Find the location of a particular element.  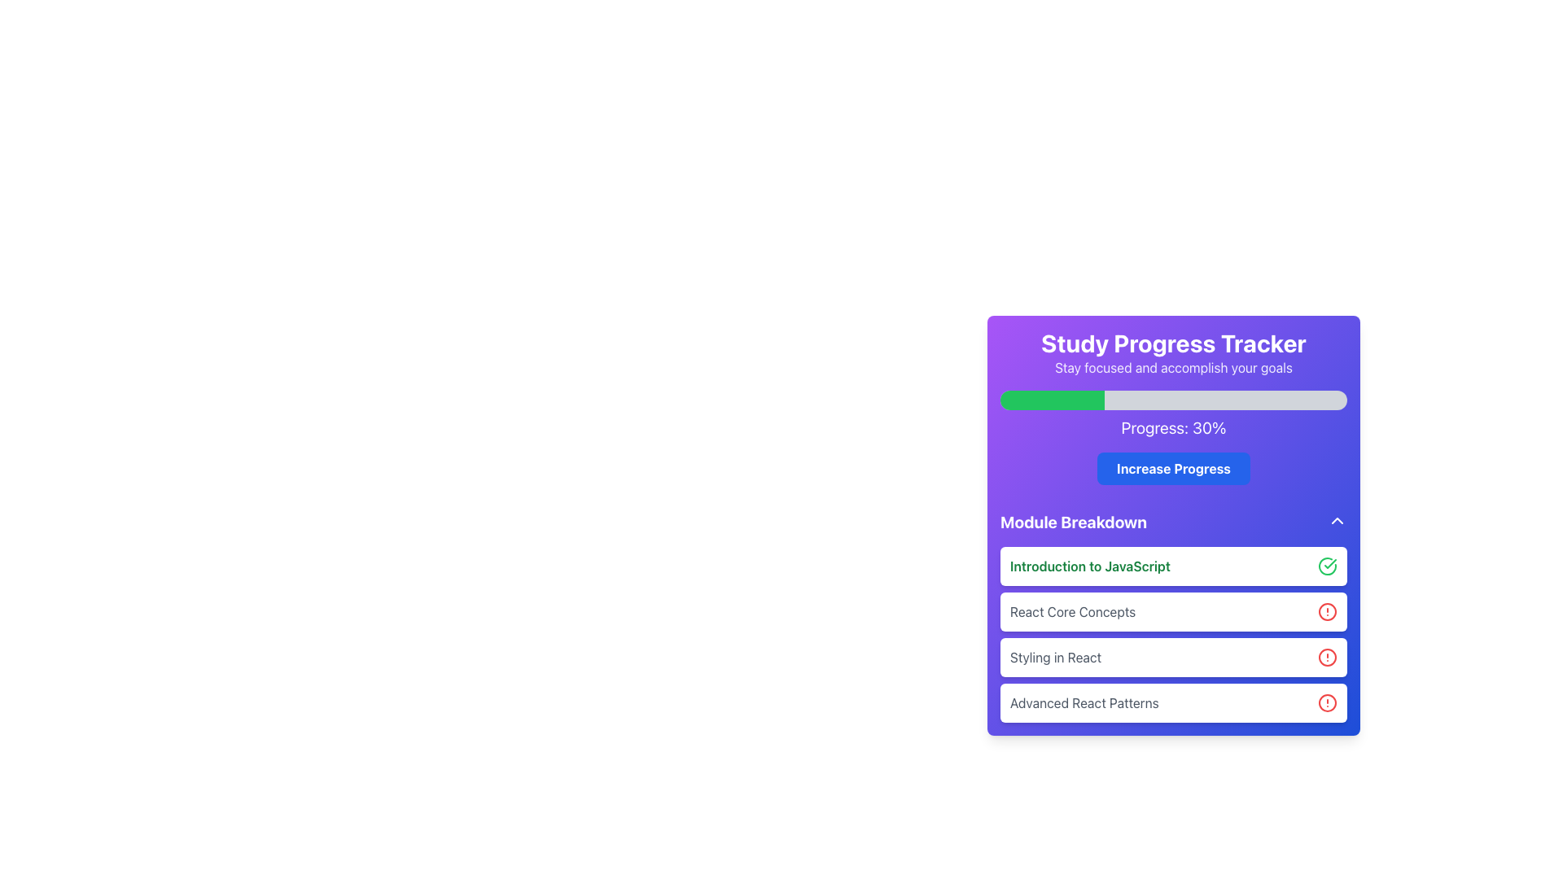

the toggle icon button located on the far right side of the 'Module Breakdown' section is located at coordinates (1337, 521).